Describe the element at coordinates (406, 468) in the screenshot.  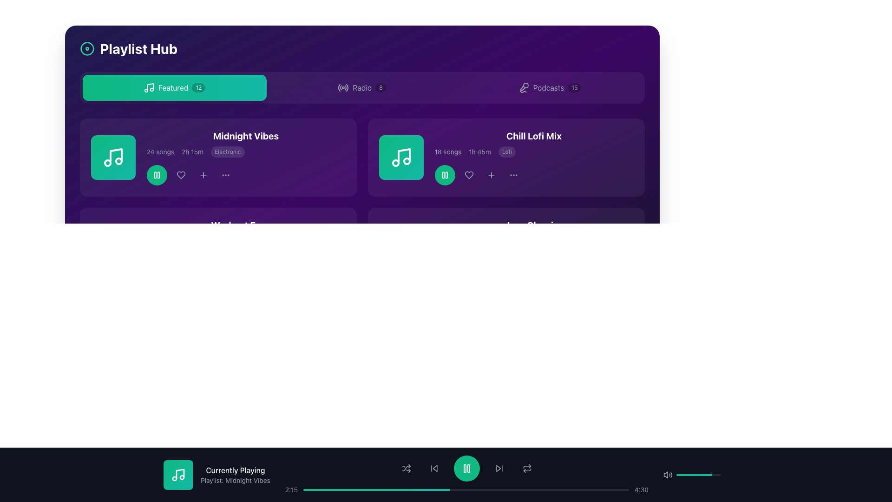
I see `the shuffle button icon, which is represented by two crossing arrows in an X shape` at that location.